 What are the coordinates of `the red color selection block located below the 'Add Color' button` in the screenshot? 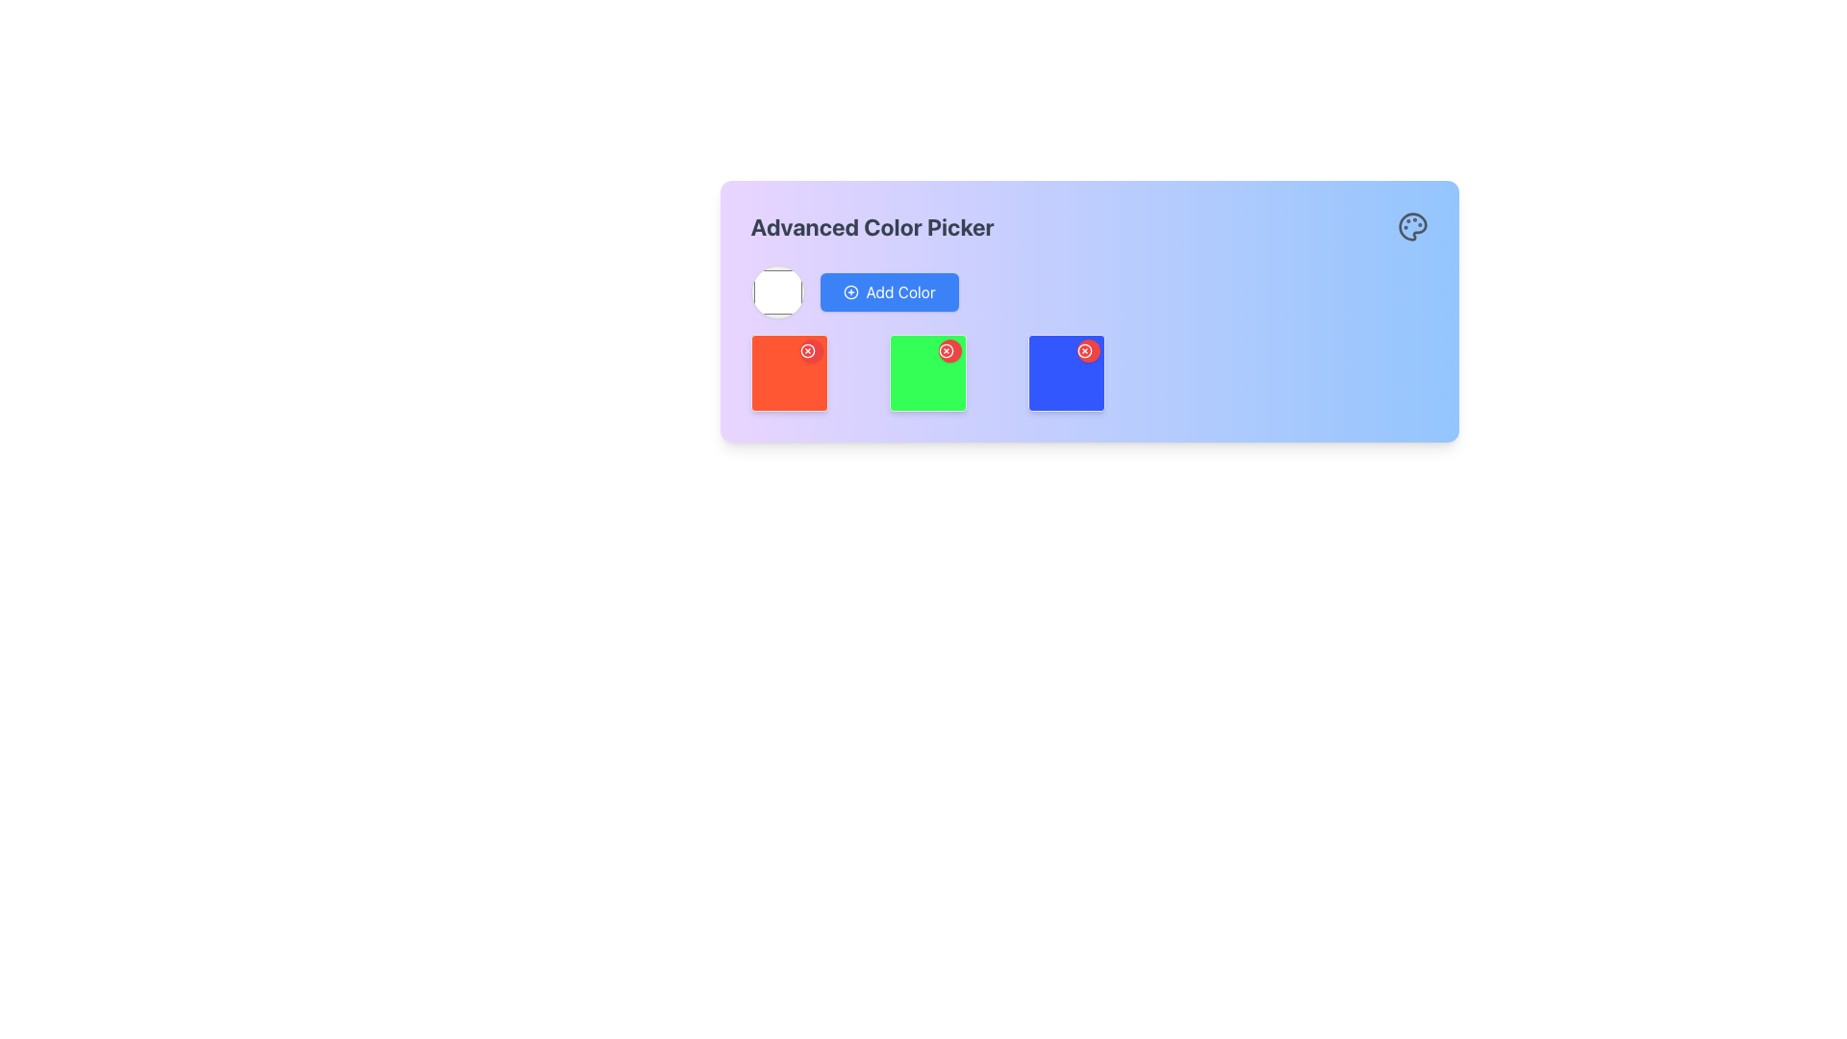 It's located at (789, 373).